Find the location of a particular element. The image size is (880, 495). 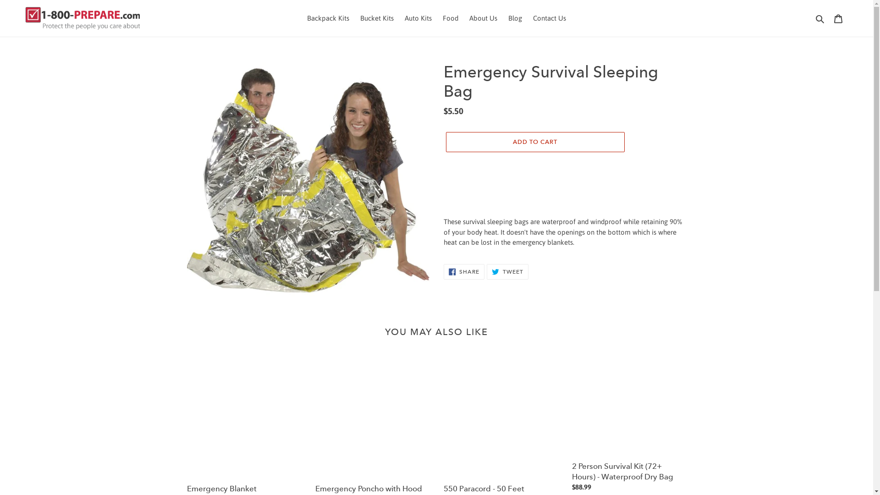

'TWEET is located at coordinates (507, 271).